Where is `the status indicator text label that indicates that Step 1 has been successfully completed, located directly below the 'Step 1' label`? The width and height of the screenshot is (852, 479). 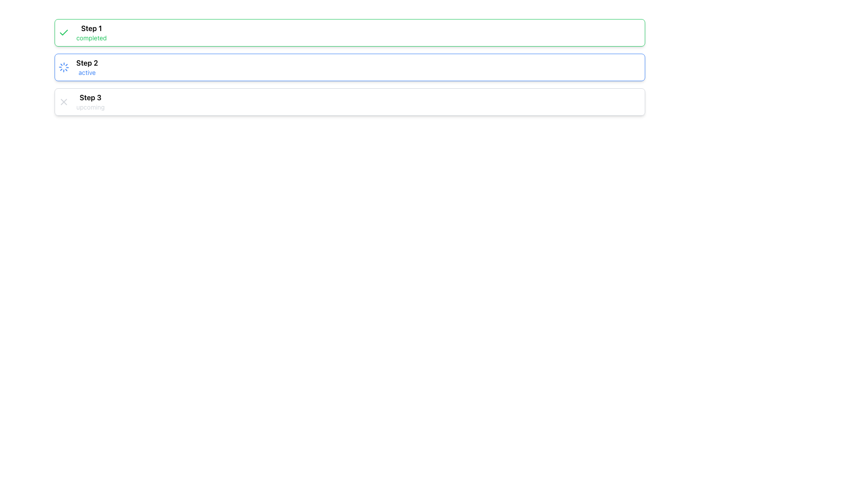
the status indicator text label that indicates that Step 1 has been successfully completed, located directly below the 'Step 1' label is located at coordinates (91, 37).